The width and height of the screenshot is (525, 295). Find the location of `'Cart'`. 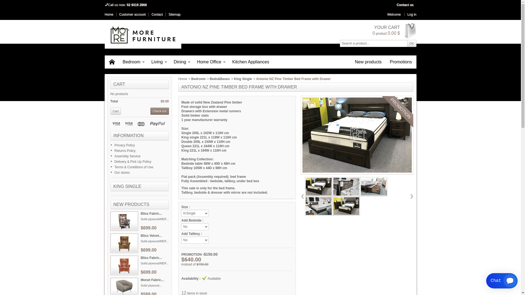

'Cart' is located at coordinates (115, 111).